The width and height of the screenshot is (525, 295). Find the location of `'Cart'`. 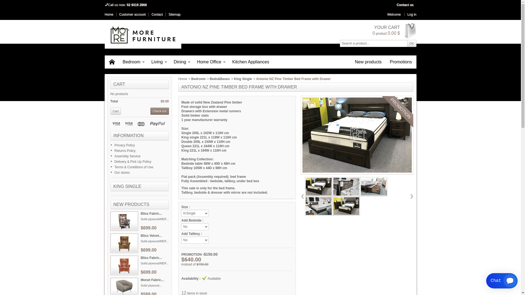

'Cart' is located at coordinates (115, 111).